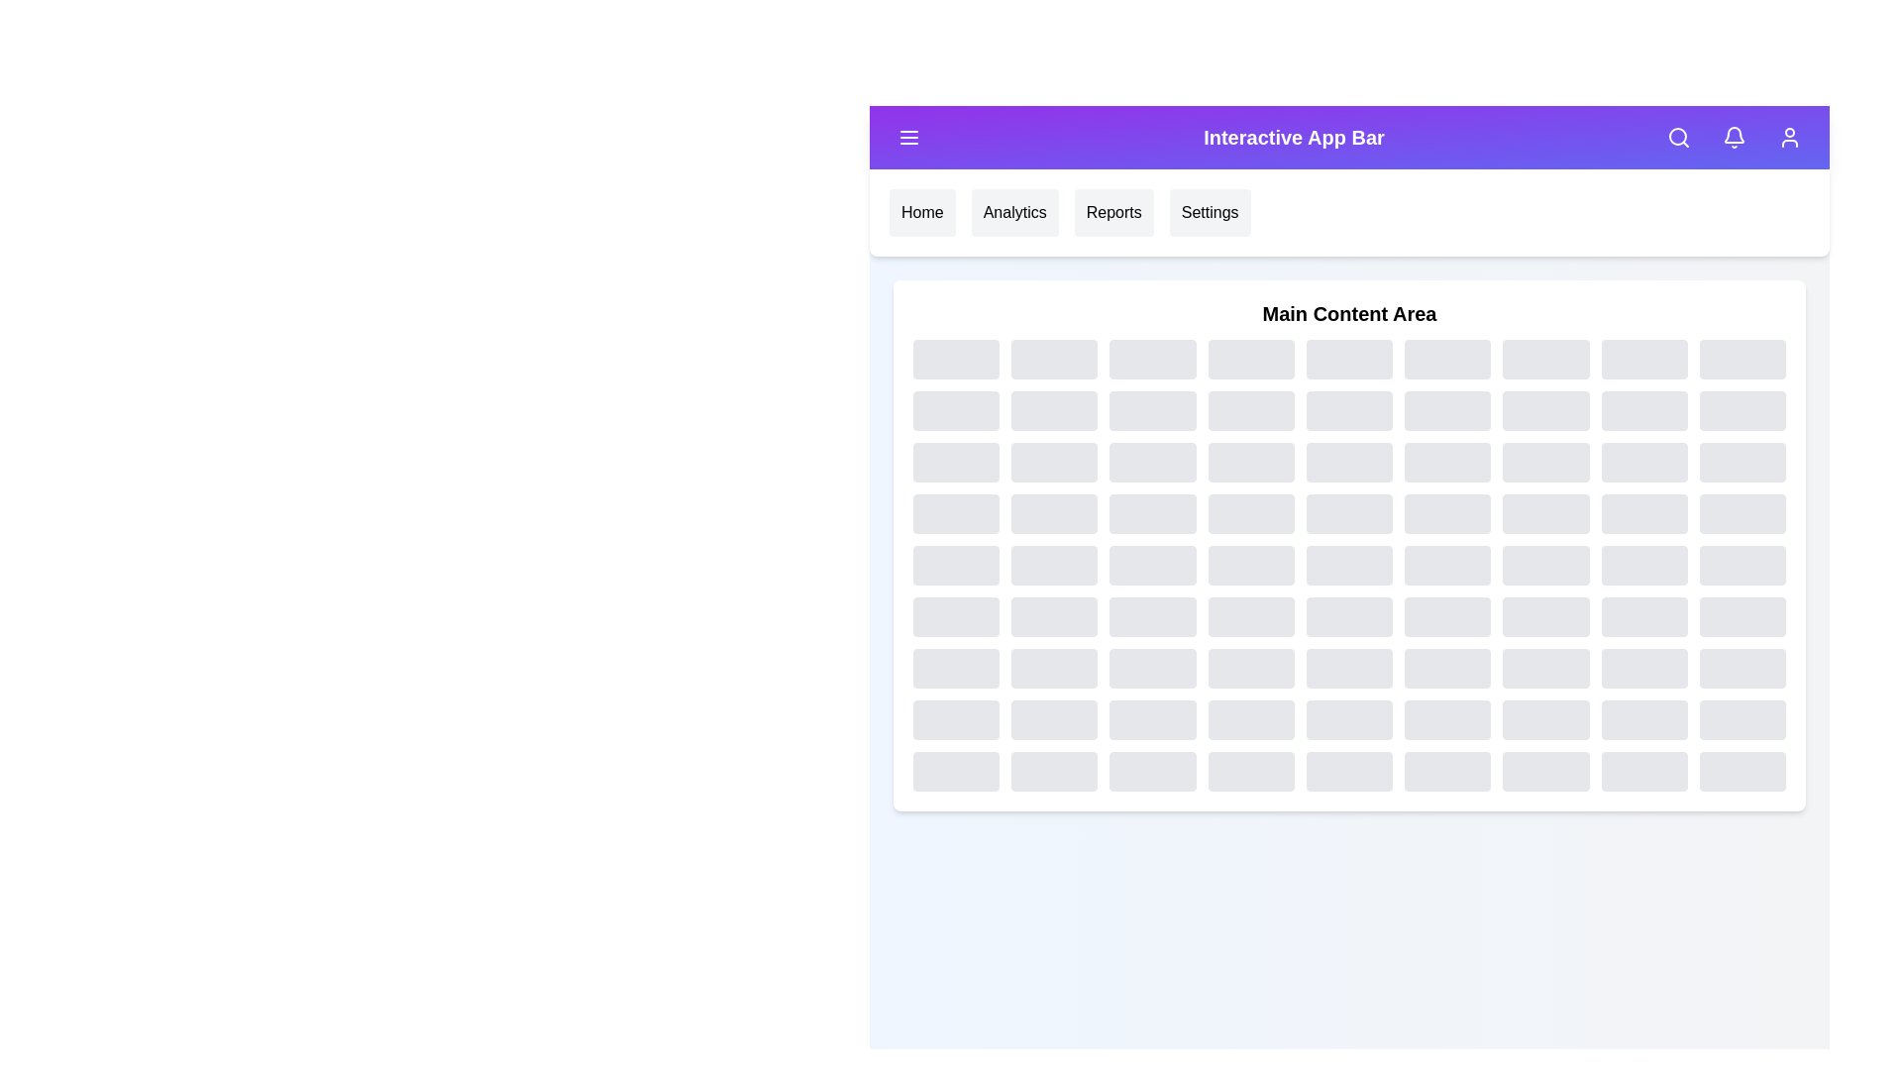  What do you see at coordinates (921, 213) in the screenshot?
I see `the menu item Home to navigate to the corresponding section` at bounding box center [921, 213].